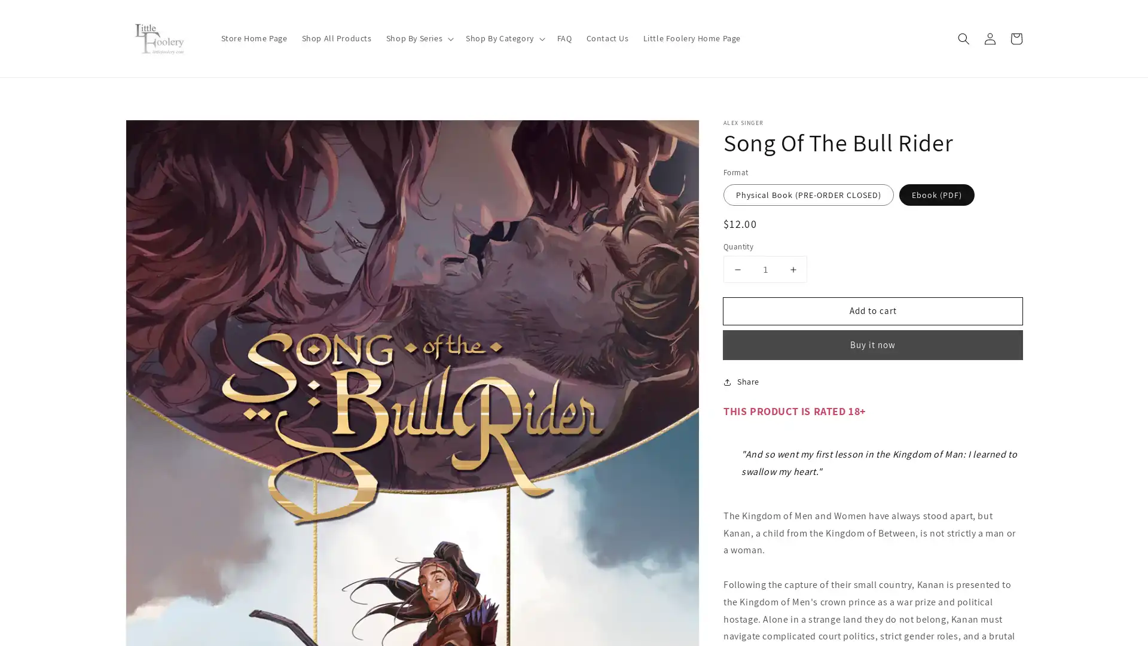 Image resolution: width=1148 pixels, height=646 pixels. What do you see at coordinates (872, 310) in the screenshot?
I see `Add to cart` at bounding box center [872, 310].